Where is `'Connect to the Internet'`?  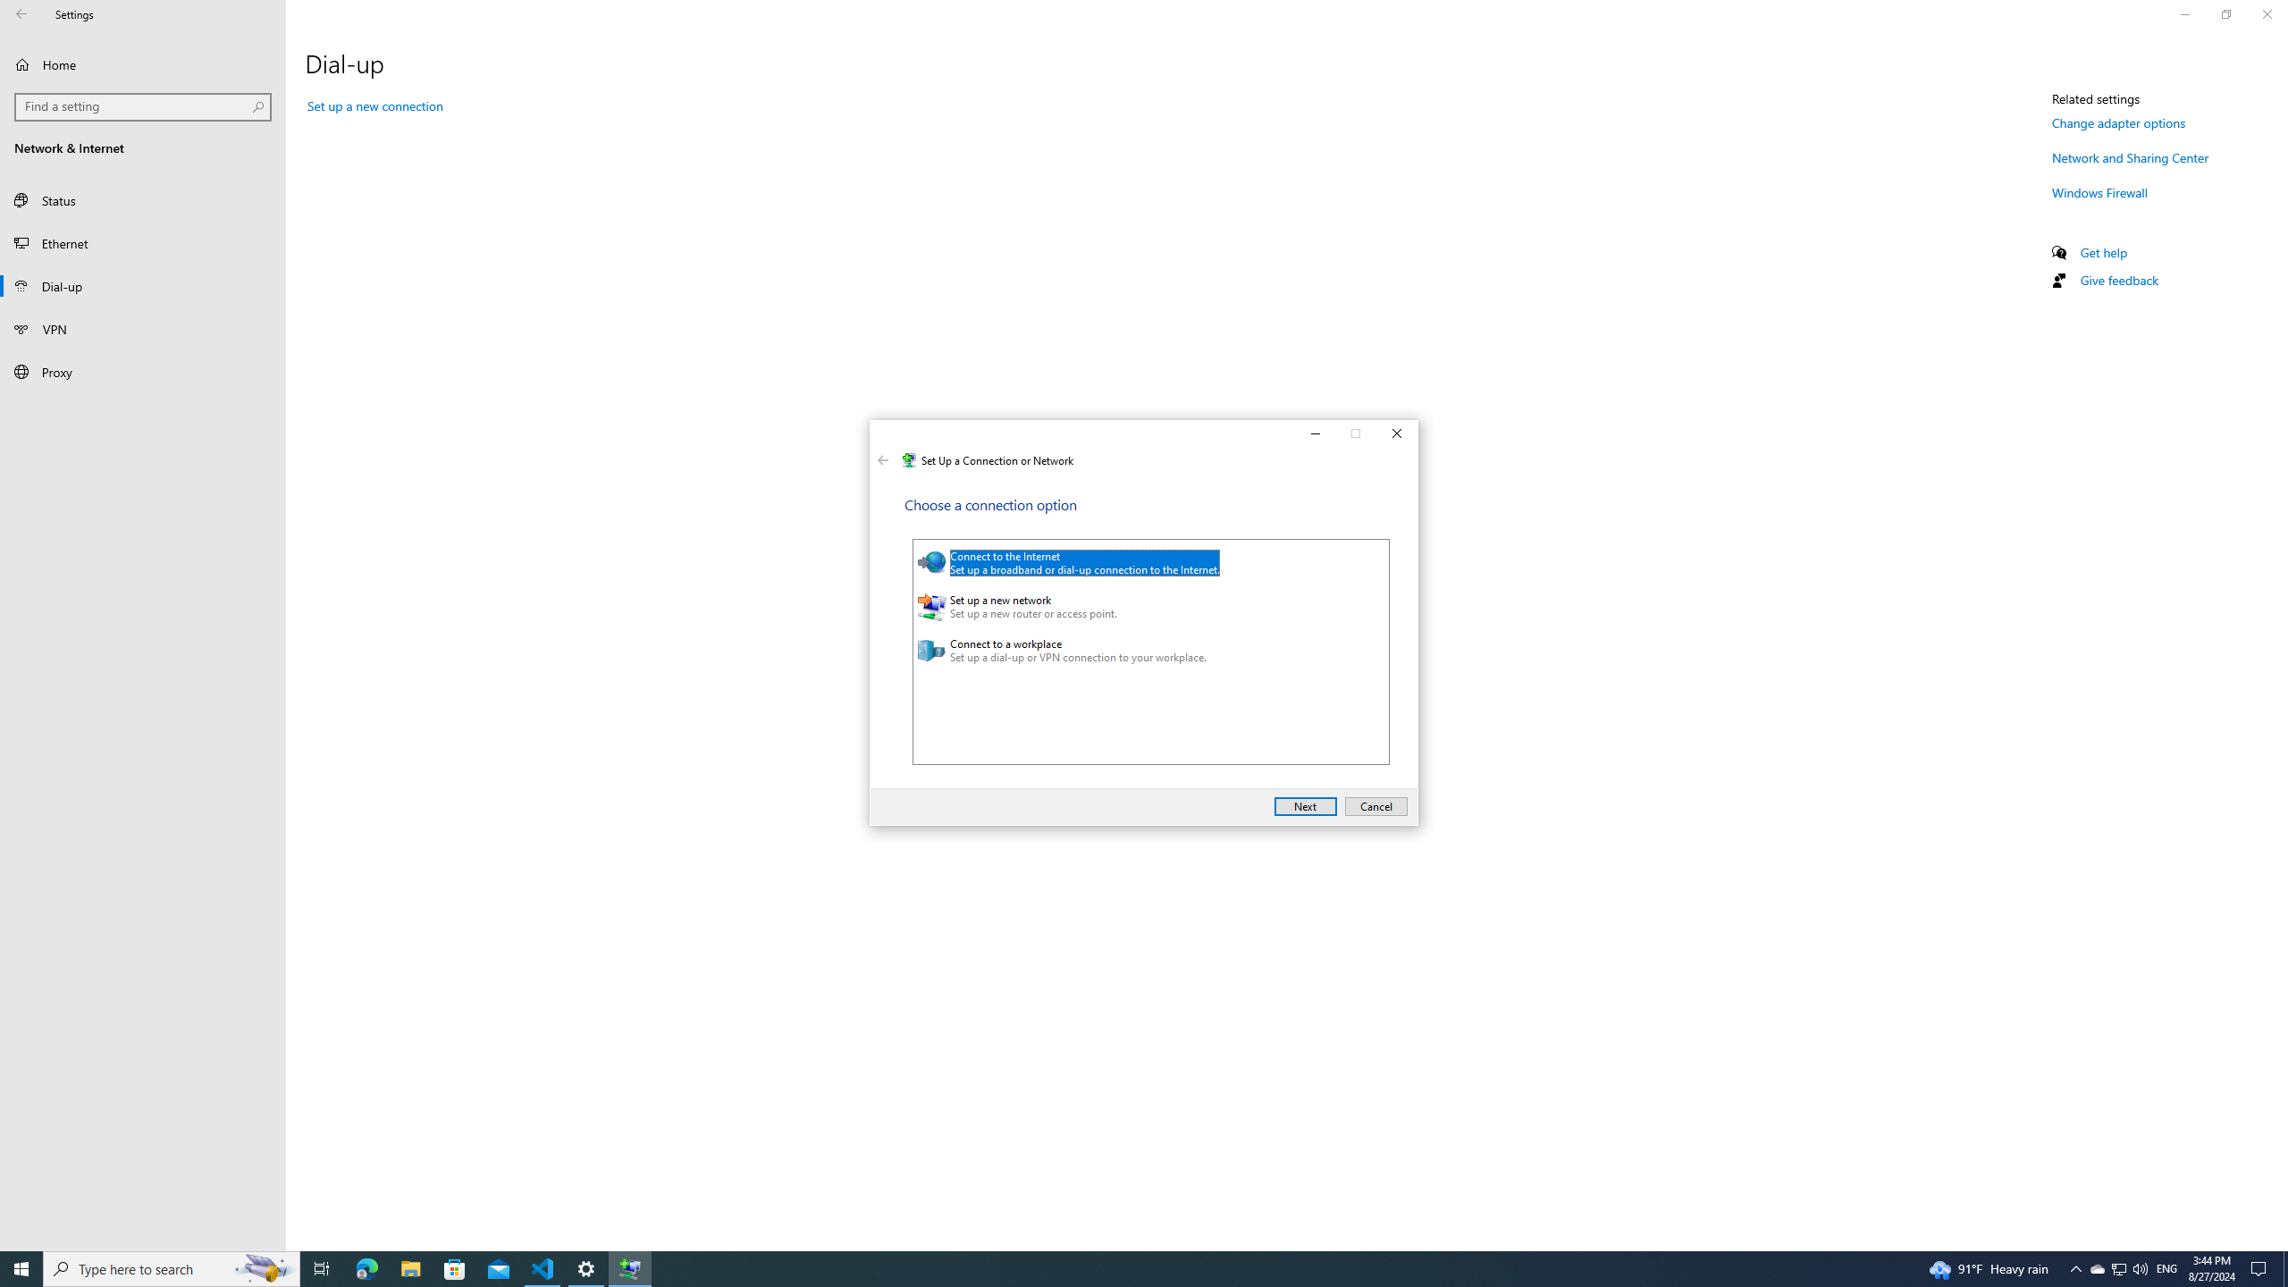
'Connect to the Internet' is located at coordinates (1141, 562).